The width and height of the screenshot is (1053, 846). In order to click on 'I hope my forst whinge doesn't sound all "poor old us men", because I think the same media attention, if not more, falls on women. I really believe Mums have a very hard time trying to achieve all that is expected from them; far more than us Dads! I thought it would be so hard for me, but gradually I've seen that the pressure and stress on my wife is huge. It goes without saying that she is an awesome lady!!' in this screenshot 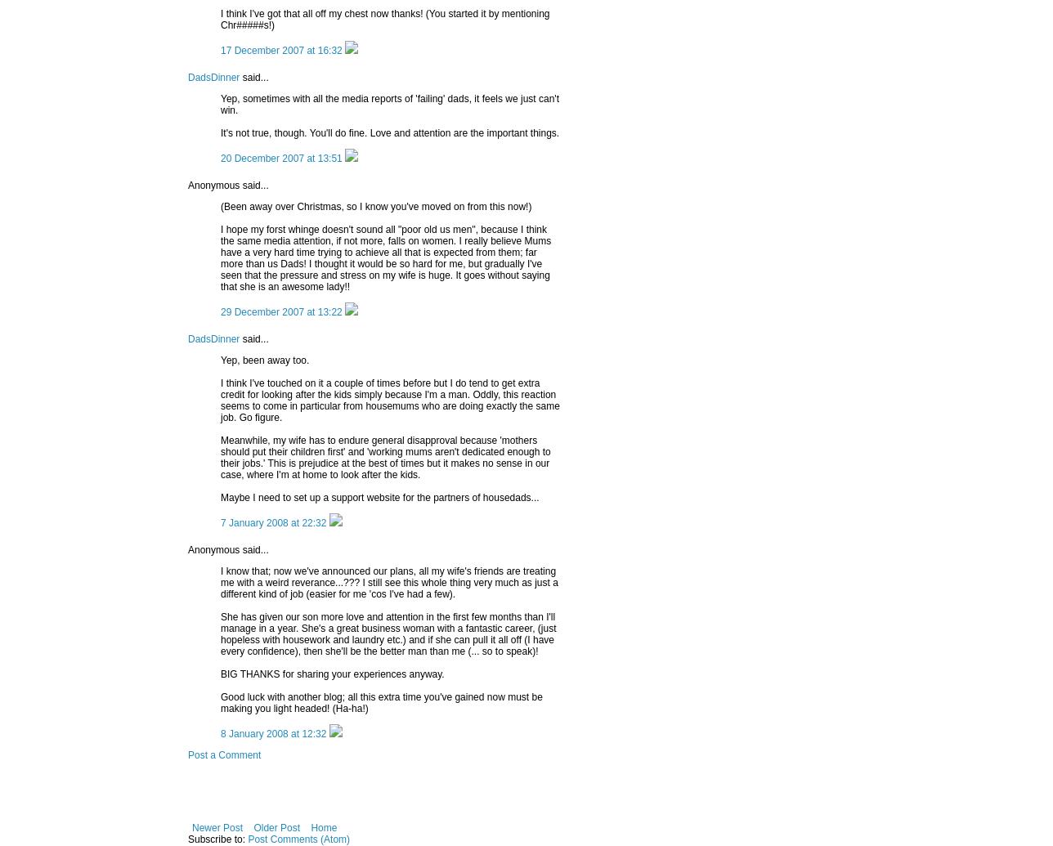, I will do `click(386, 257)`.